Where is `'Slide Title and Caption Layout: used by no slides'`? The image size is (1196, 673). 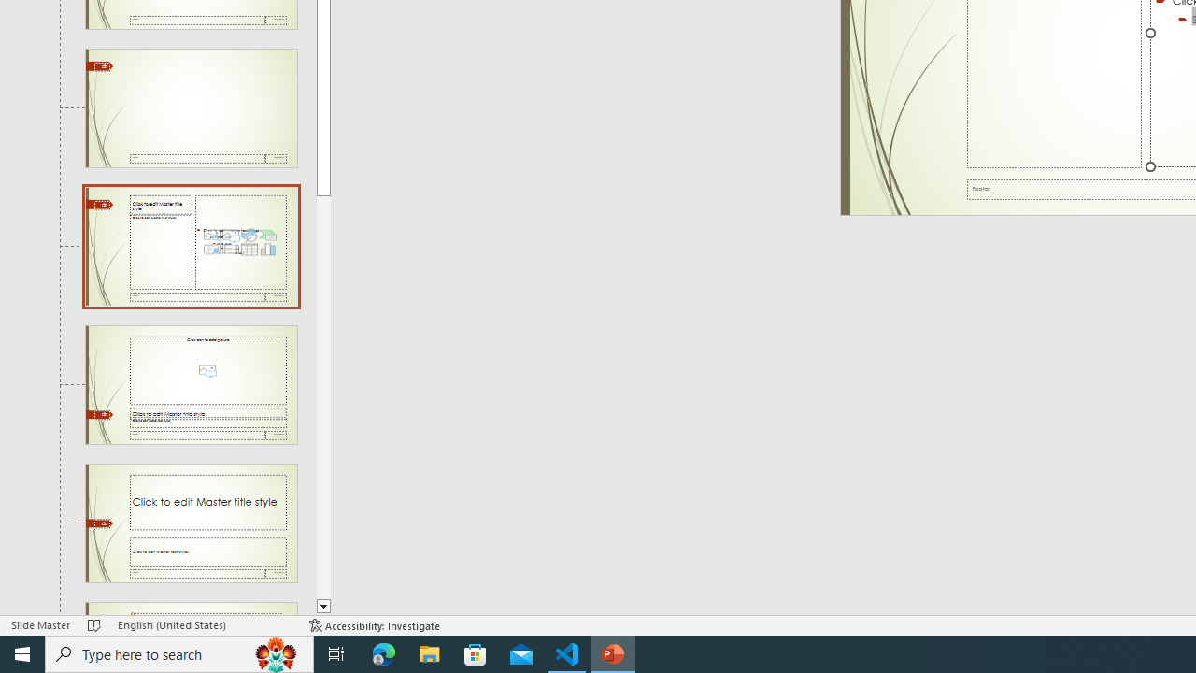 'Slide Title and Caption Layout: used by no slides' is located at coordinates (191, 523).